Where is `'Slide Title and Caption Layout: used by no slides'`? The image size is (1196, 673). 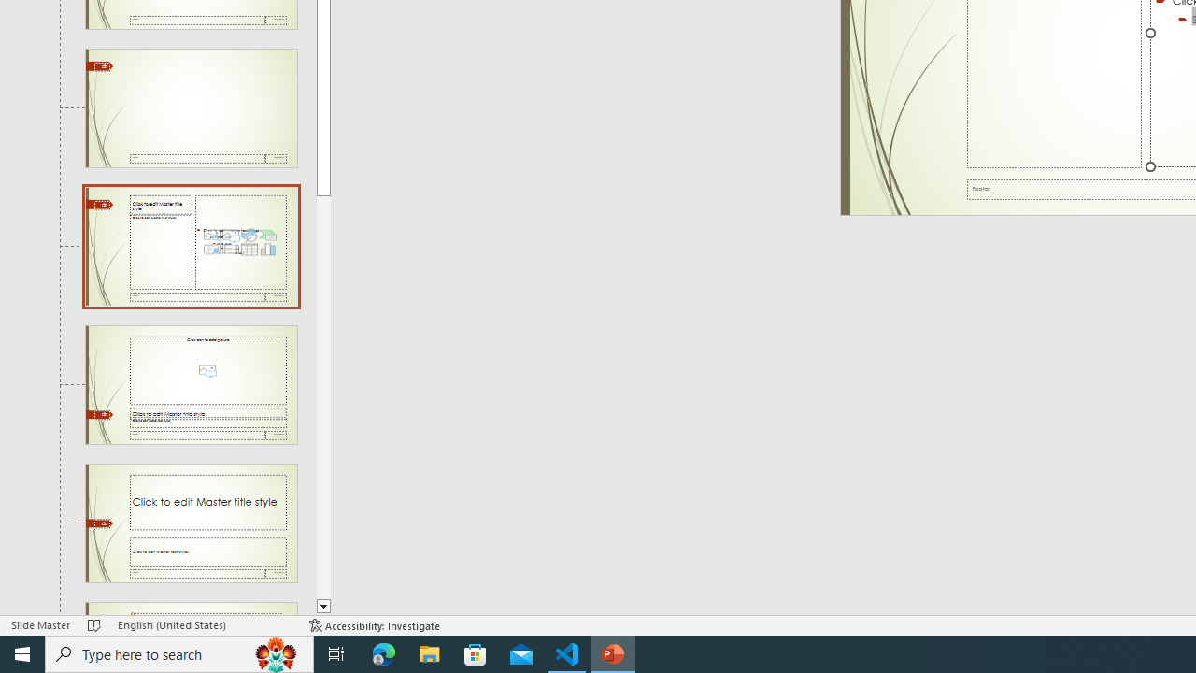 'Slide Title and Caption Layout: used by no slides' is located at coordinates (191, 523).